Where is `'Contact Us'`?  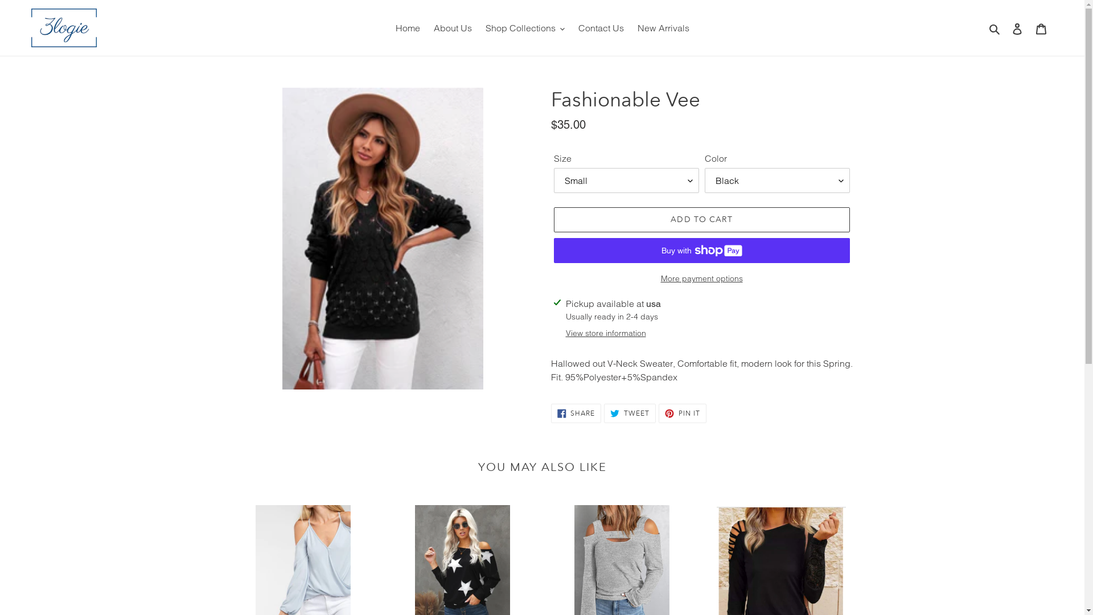
'Contact Us' is located at coordinates (601, 27).